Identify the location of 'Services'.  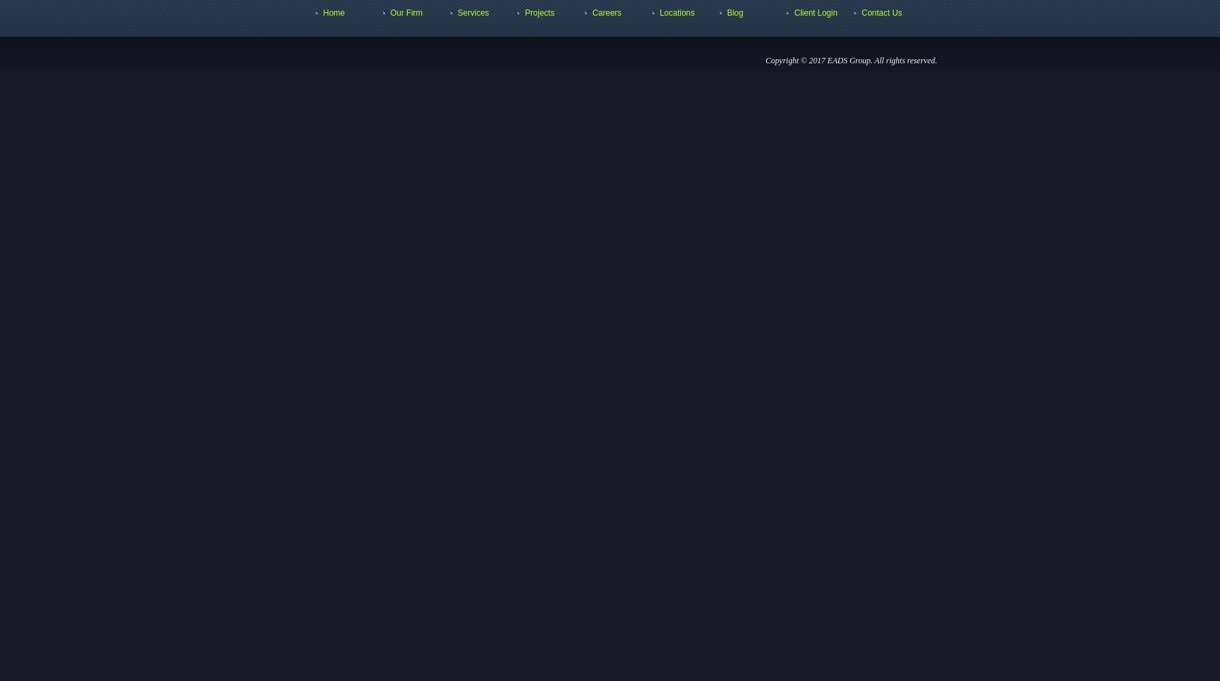
(472, 13).